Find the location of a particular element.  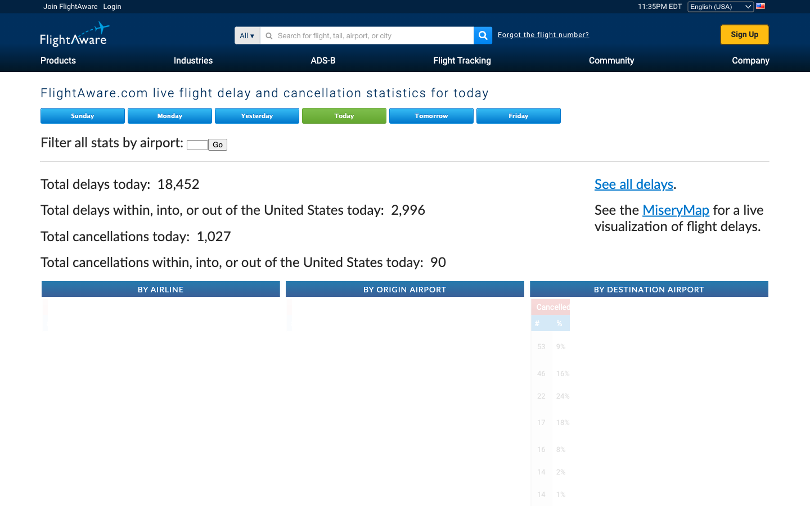

Inspect Flight Aware for today"s live details on flight delays and cancellations is located at coordinates (345, 116).